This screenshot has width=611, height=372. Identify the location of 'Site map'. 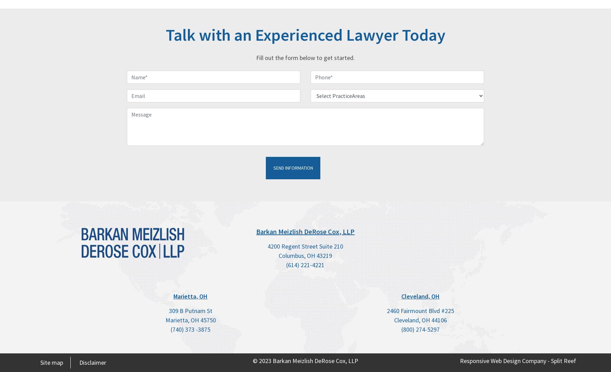
(52, 362).